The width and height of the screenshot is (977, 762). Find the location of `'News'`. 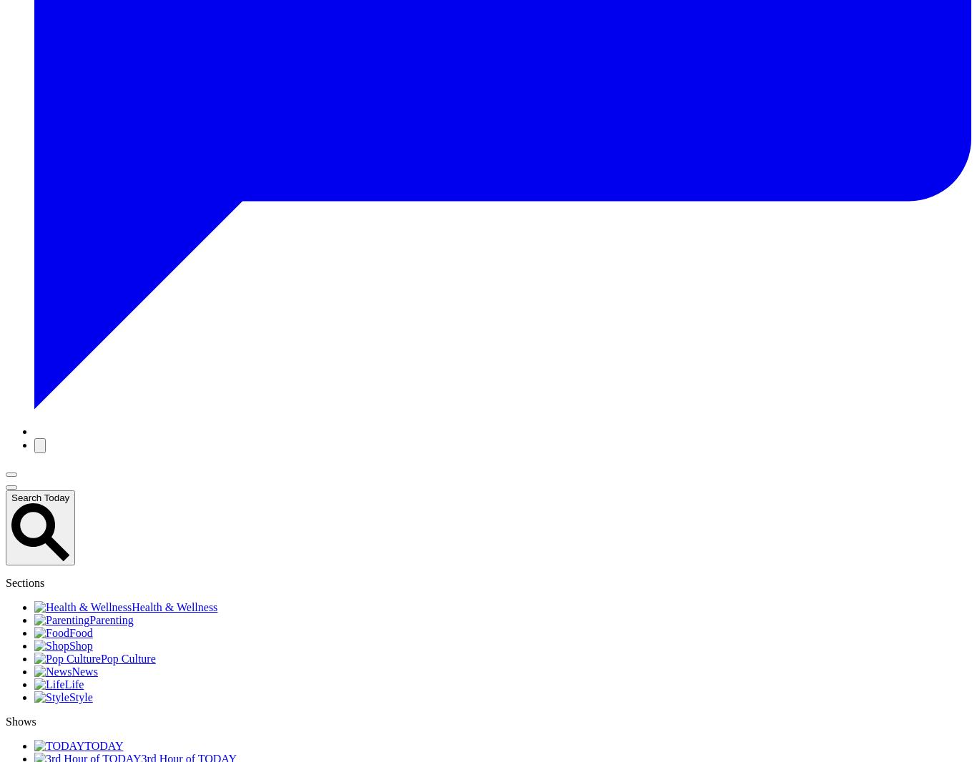

'News' is located at coordinates (84, 671).